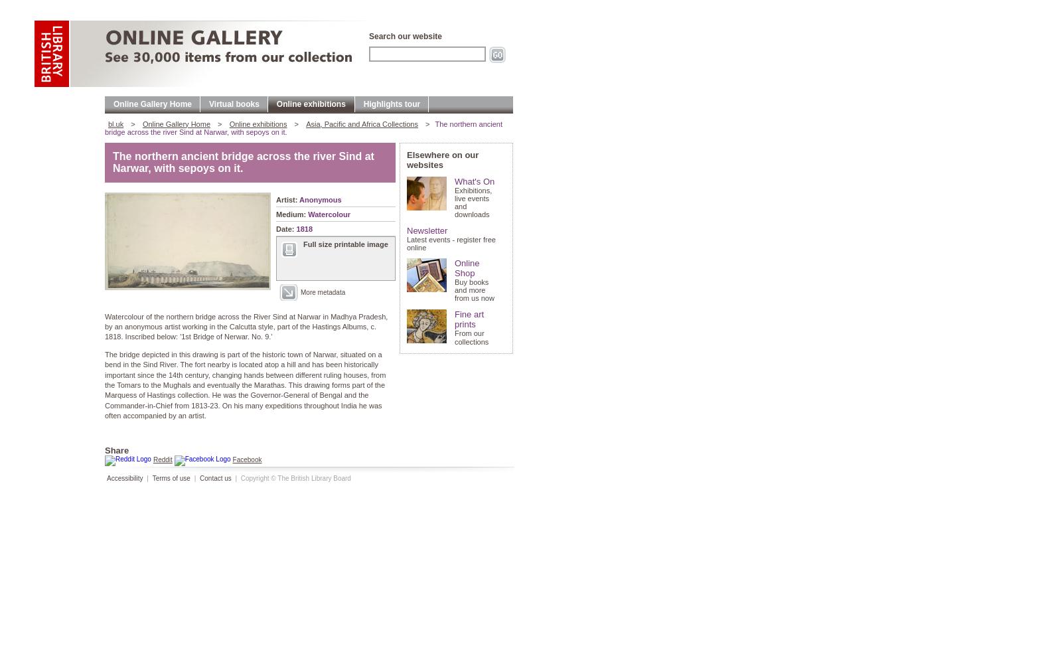 This screenshot has width=1062, height=664. I want to click on 'Artist:', so click(287, 199).